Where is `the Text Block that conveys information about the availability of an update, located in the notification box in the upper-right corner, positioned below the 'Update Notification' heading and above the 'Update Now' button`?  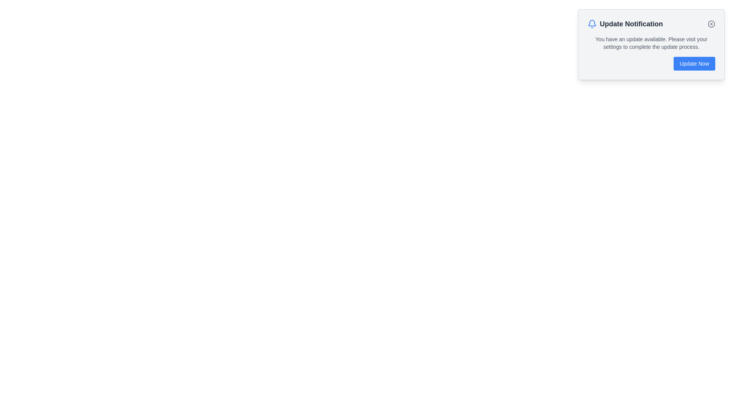 the Text Block that conveys information about the availability of an update, located in the notification box in the upper-right corner, positioned below the 'Update Notification' heading and above the 'Update Now' button is located at coordinates (651, 43).